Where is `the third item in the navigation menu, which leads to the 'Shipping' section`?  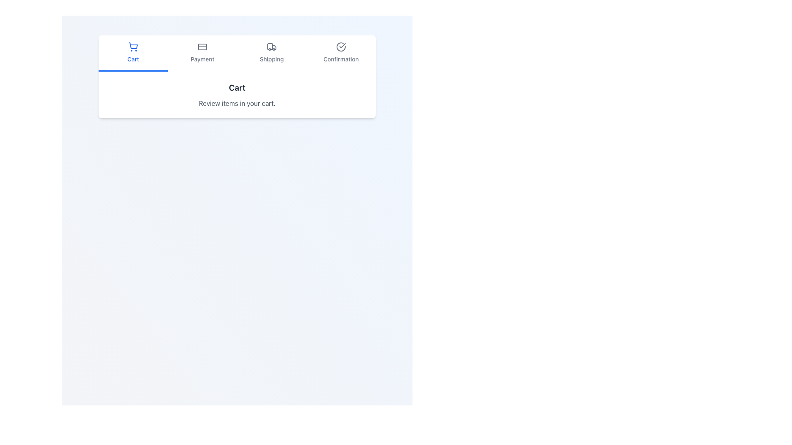 the third item in the navigation menu, which leads to the 'Shipping' section is located at coordinates (271, 54).